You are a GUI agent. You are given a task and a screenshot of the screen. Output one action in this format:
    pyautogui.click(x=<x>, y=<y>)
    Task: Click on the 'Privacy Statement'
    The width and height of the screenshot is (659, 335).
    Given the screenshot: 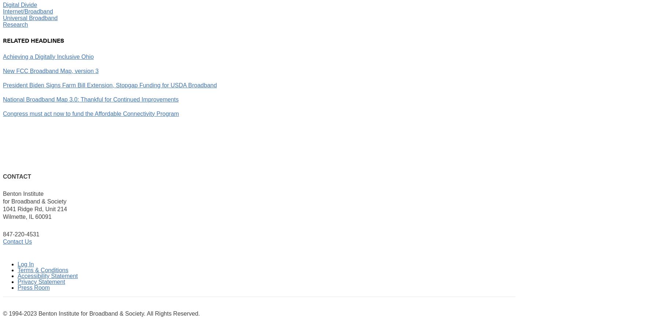 What is the action you would take?
    pyautogui.click(x=17, y=281)
    